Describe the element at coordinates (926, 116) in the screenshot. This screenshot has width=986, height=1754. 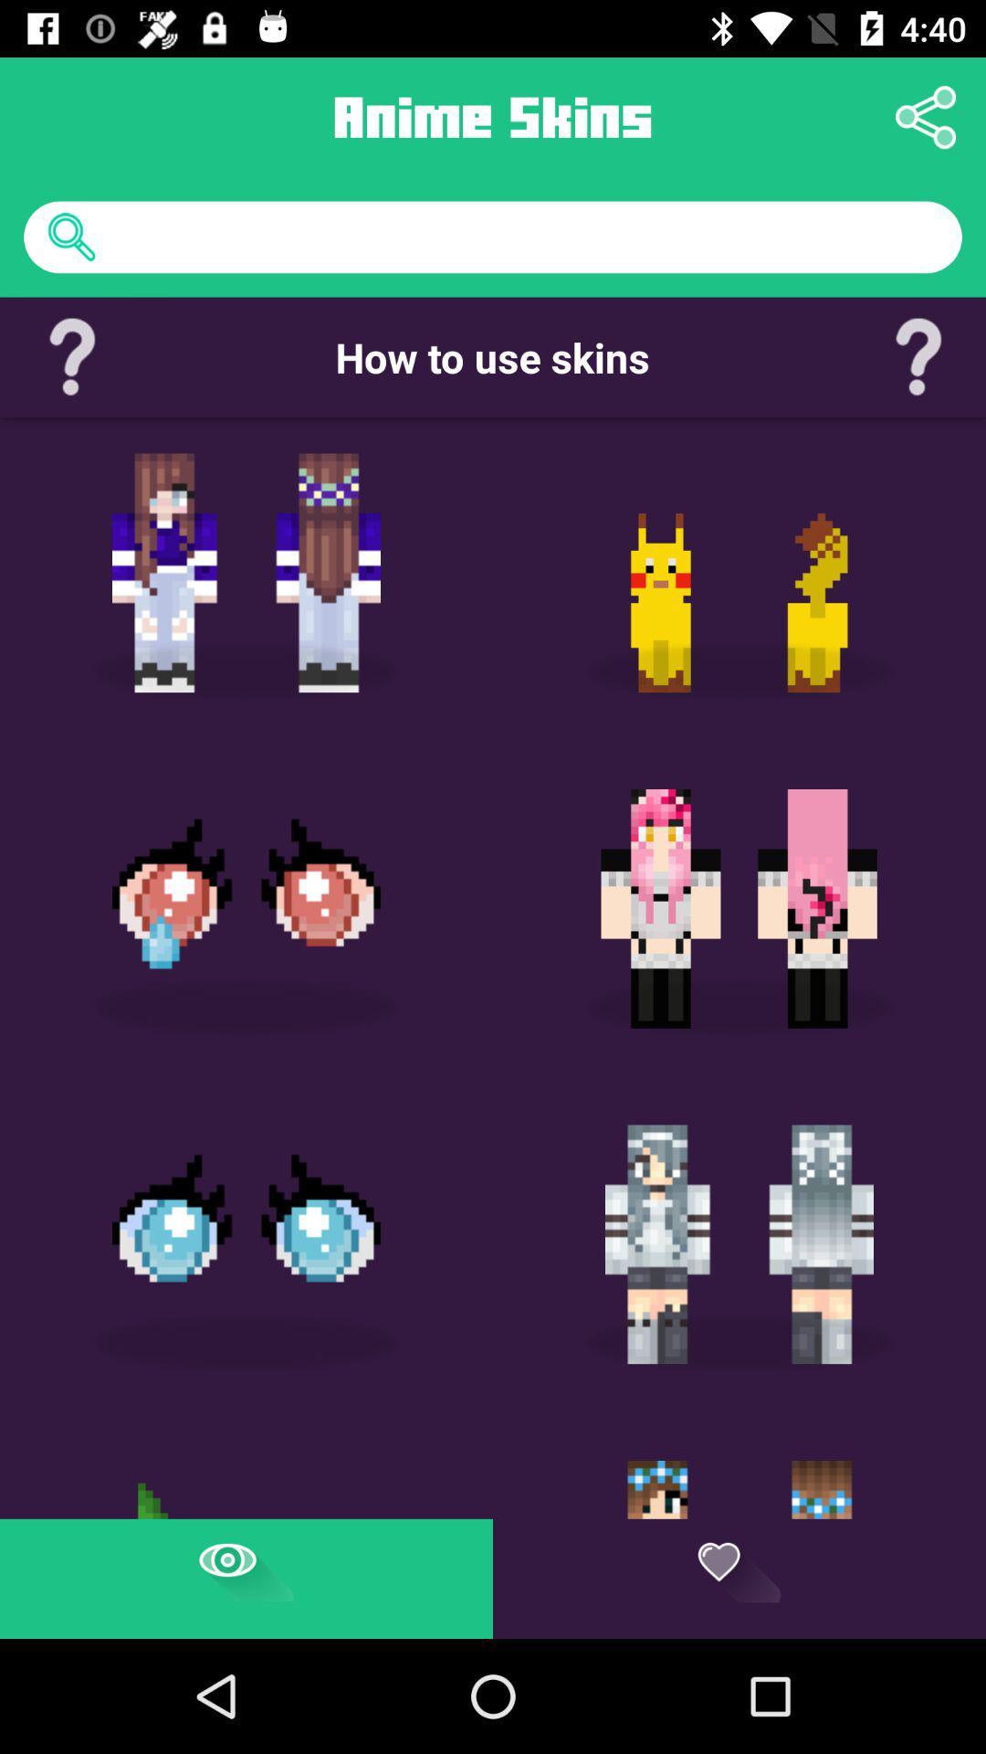
I see `the share icon` at that location.